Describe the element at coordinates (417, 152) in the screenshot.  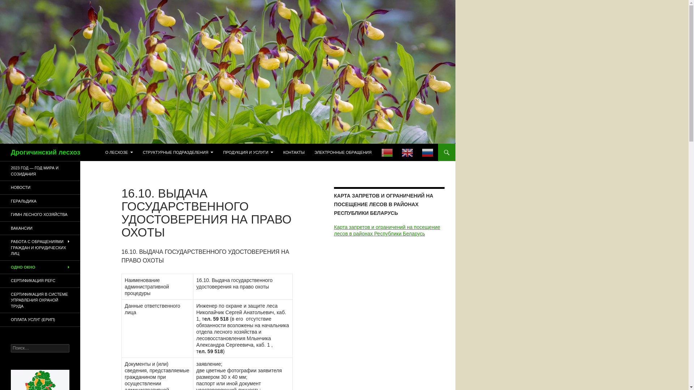
I see `'Russian'` at that location.